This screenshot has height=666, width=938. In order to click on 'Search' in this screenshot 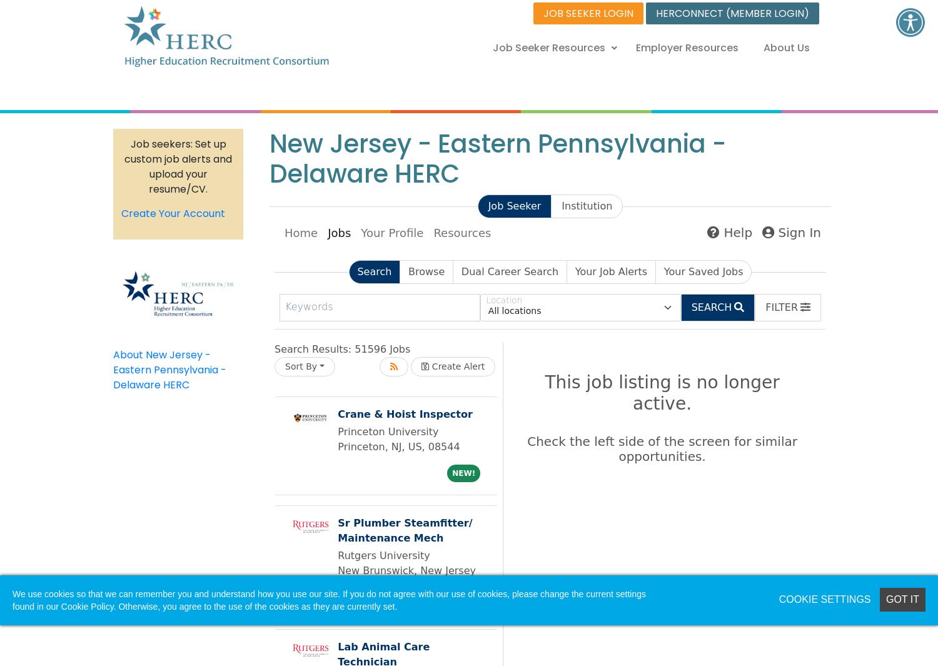, I will do `click(373, 271)`.